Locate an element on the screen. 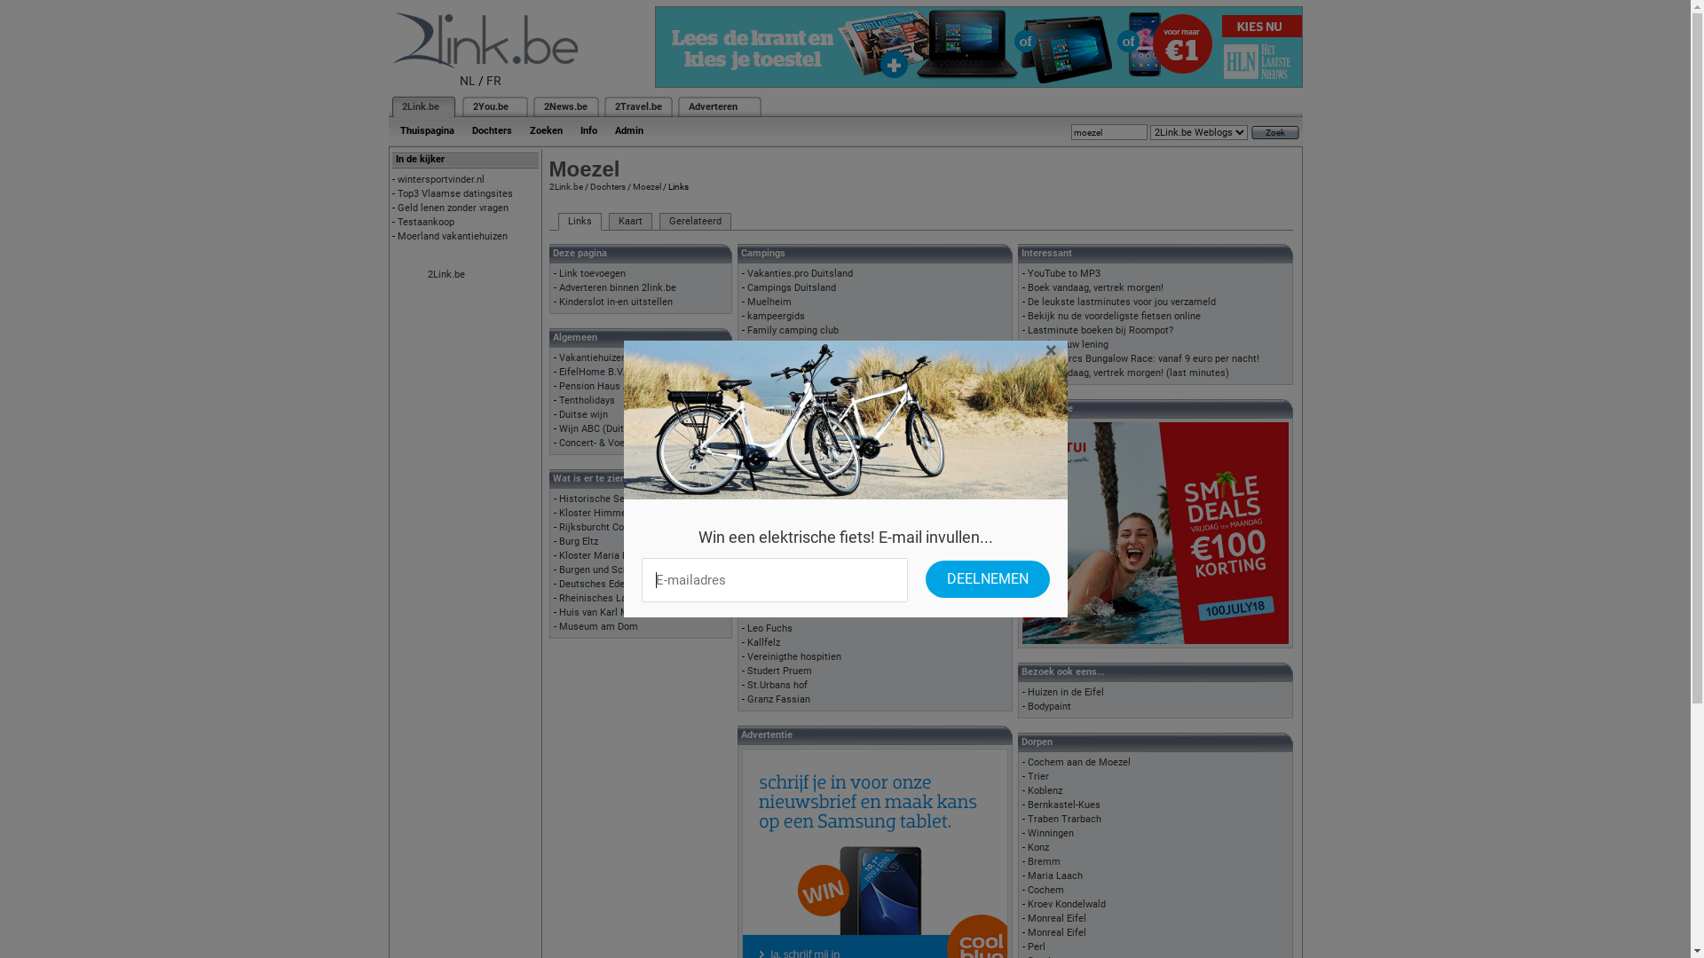  'Thuispagina' is located at coordinates (426, 130).